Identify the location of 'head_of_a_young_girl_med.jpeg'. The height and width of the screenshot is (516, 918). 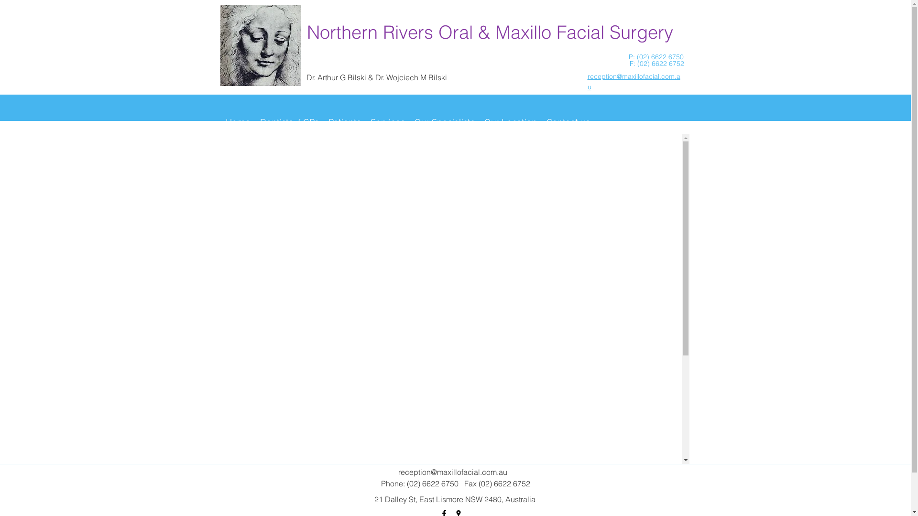
(260, 45).